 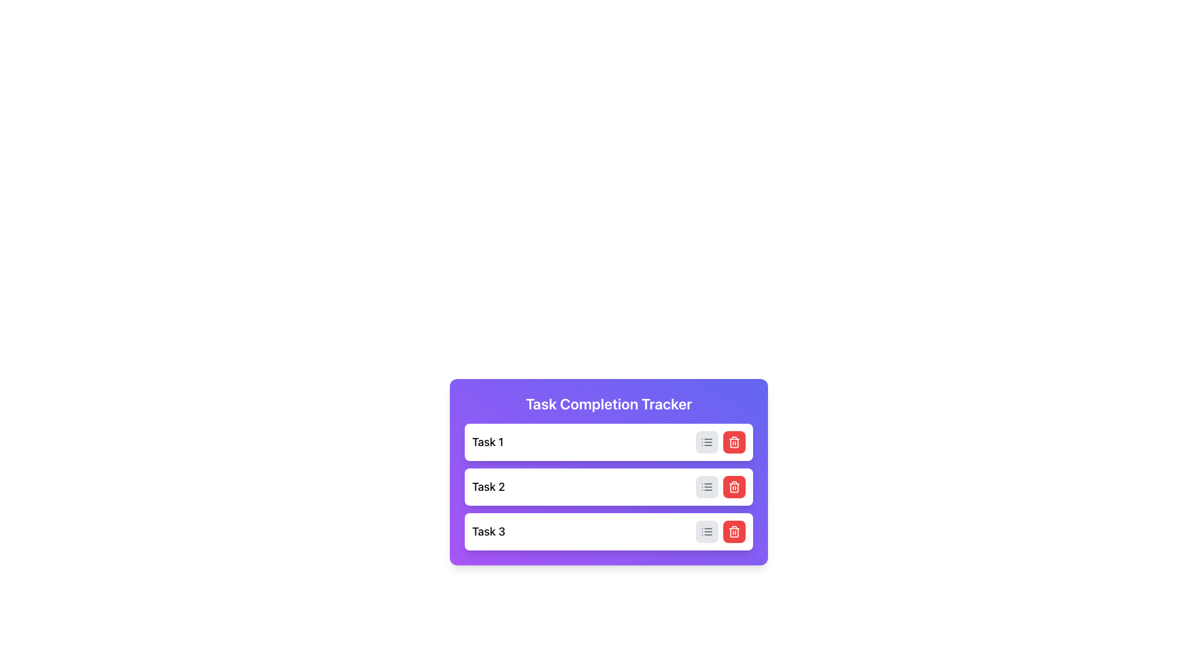 I want to click on the trash can icon button with a red background located at the rightmost position of the task entry, so click(x=734, y=486).